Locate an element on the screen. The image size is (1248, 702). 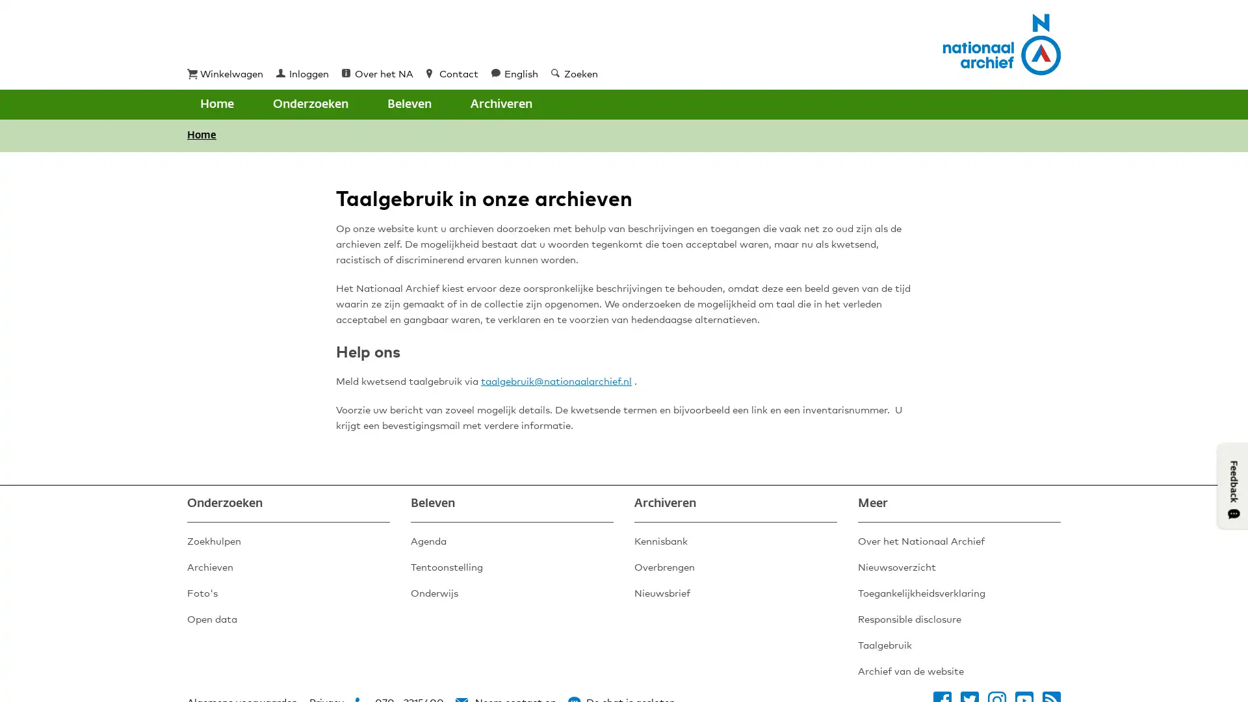
Zoeken is located at coordinates (487, 104).